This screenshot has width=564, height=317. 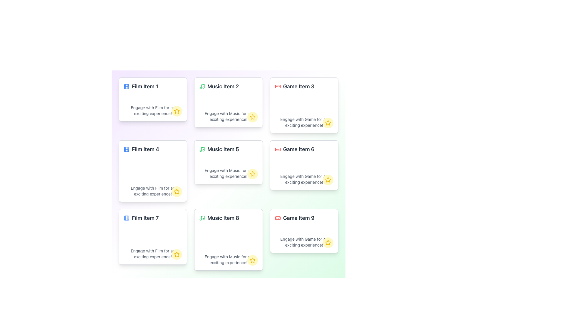 What do you see at coordinates (328, 123) in the screenshot?
I see `the star icon button with a yellow outline located in the bottom-right corner of the 'Game Item 3' card` at bounding box center [328, 123].